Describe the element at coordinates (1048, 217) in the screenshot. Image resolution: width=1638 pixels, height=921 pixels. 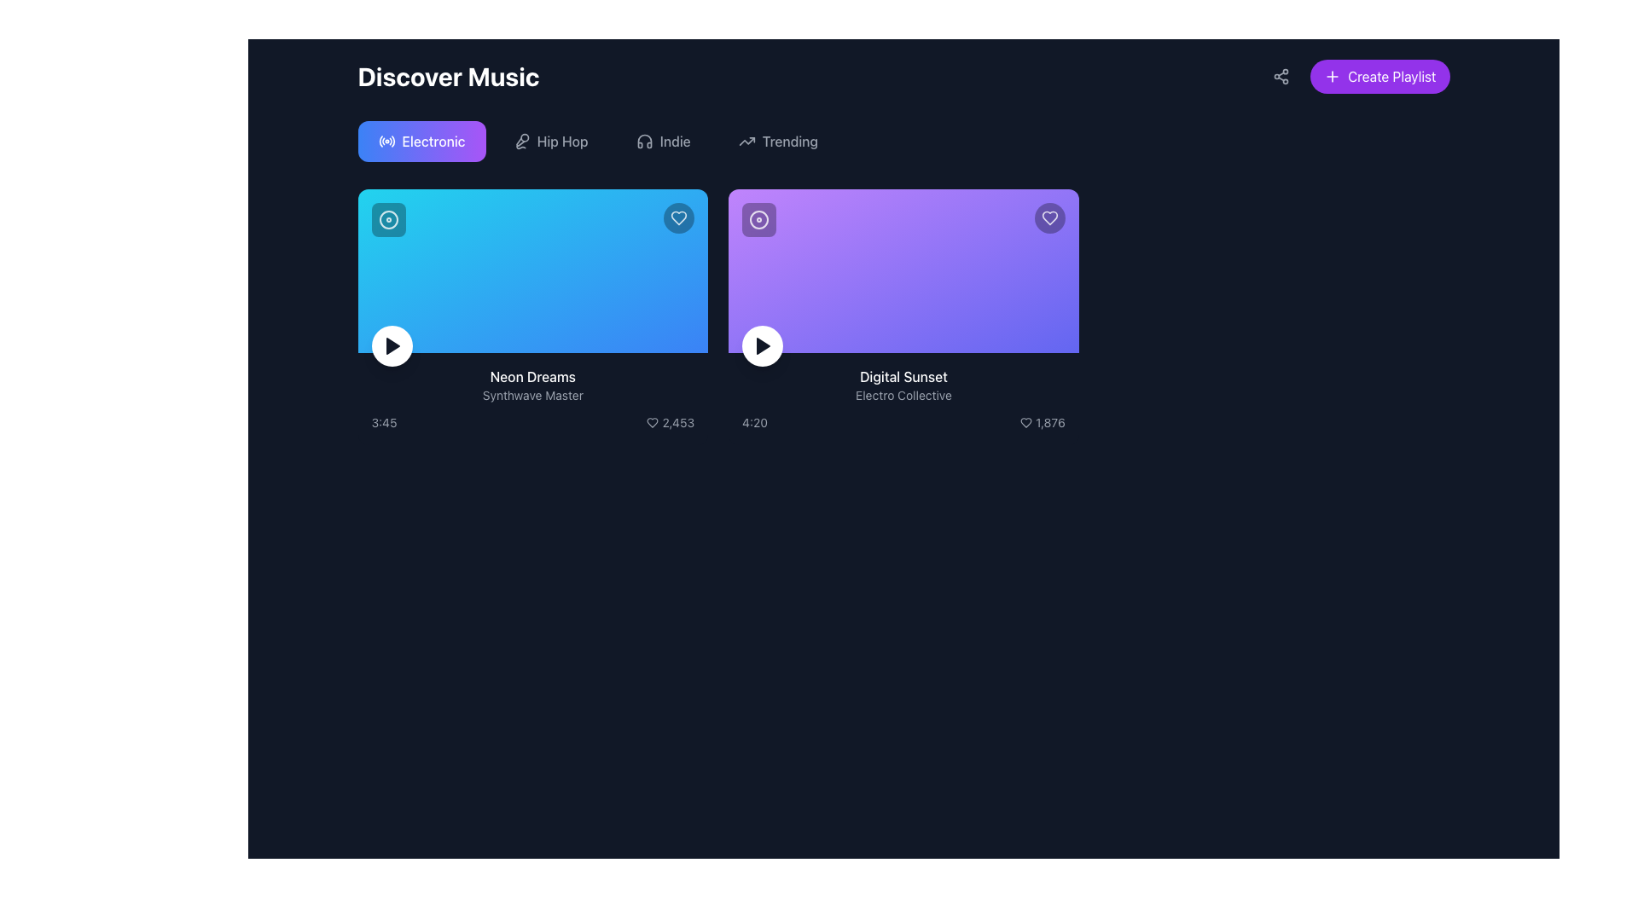
I see `the heart-shaped icon button located at the top-right corner of the 'Digital Sunset' song card in the music discovery section` at that location.